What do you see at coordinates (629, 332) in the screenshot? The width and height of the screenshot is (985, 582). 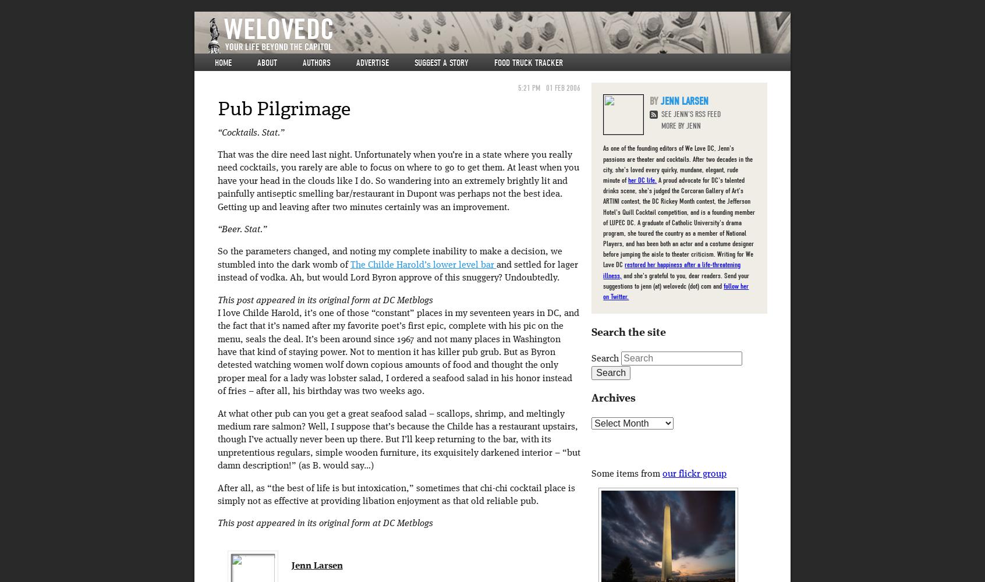 I see `'Search the site'` at bounding box center [629, 332].